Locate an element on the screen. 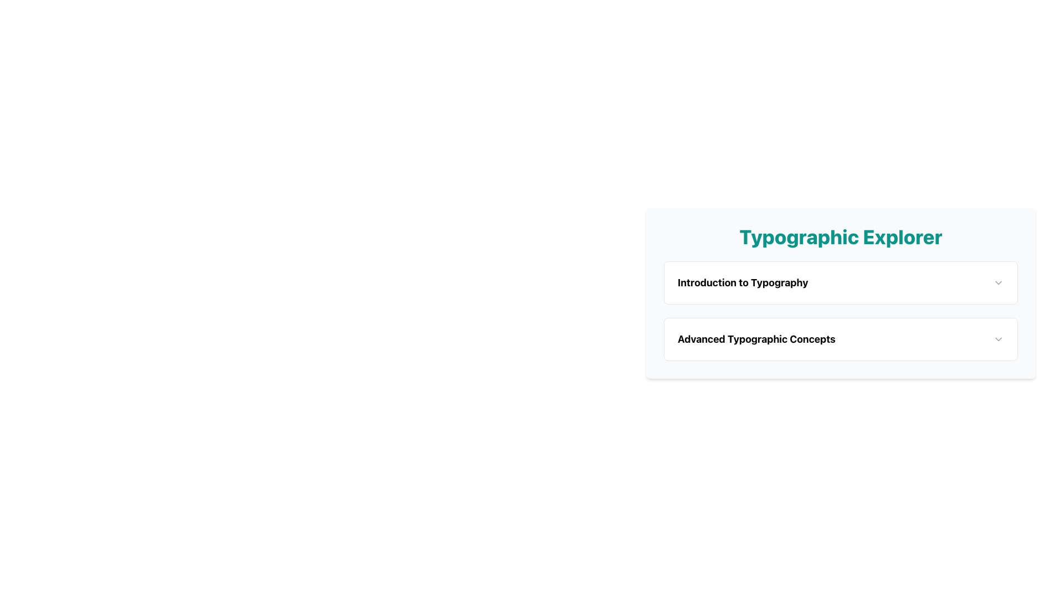 The width and height of the screenshot is (1064, 598). the dropdown menu section that expands is located at coordinates (841, 340).